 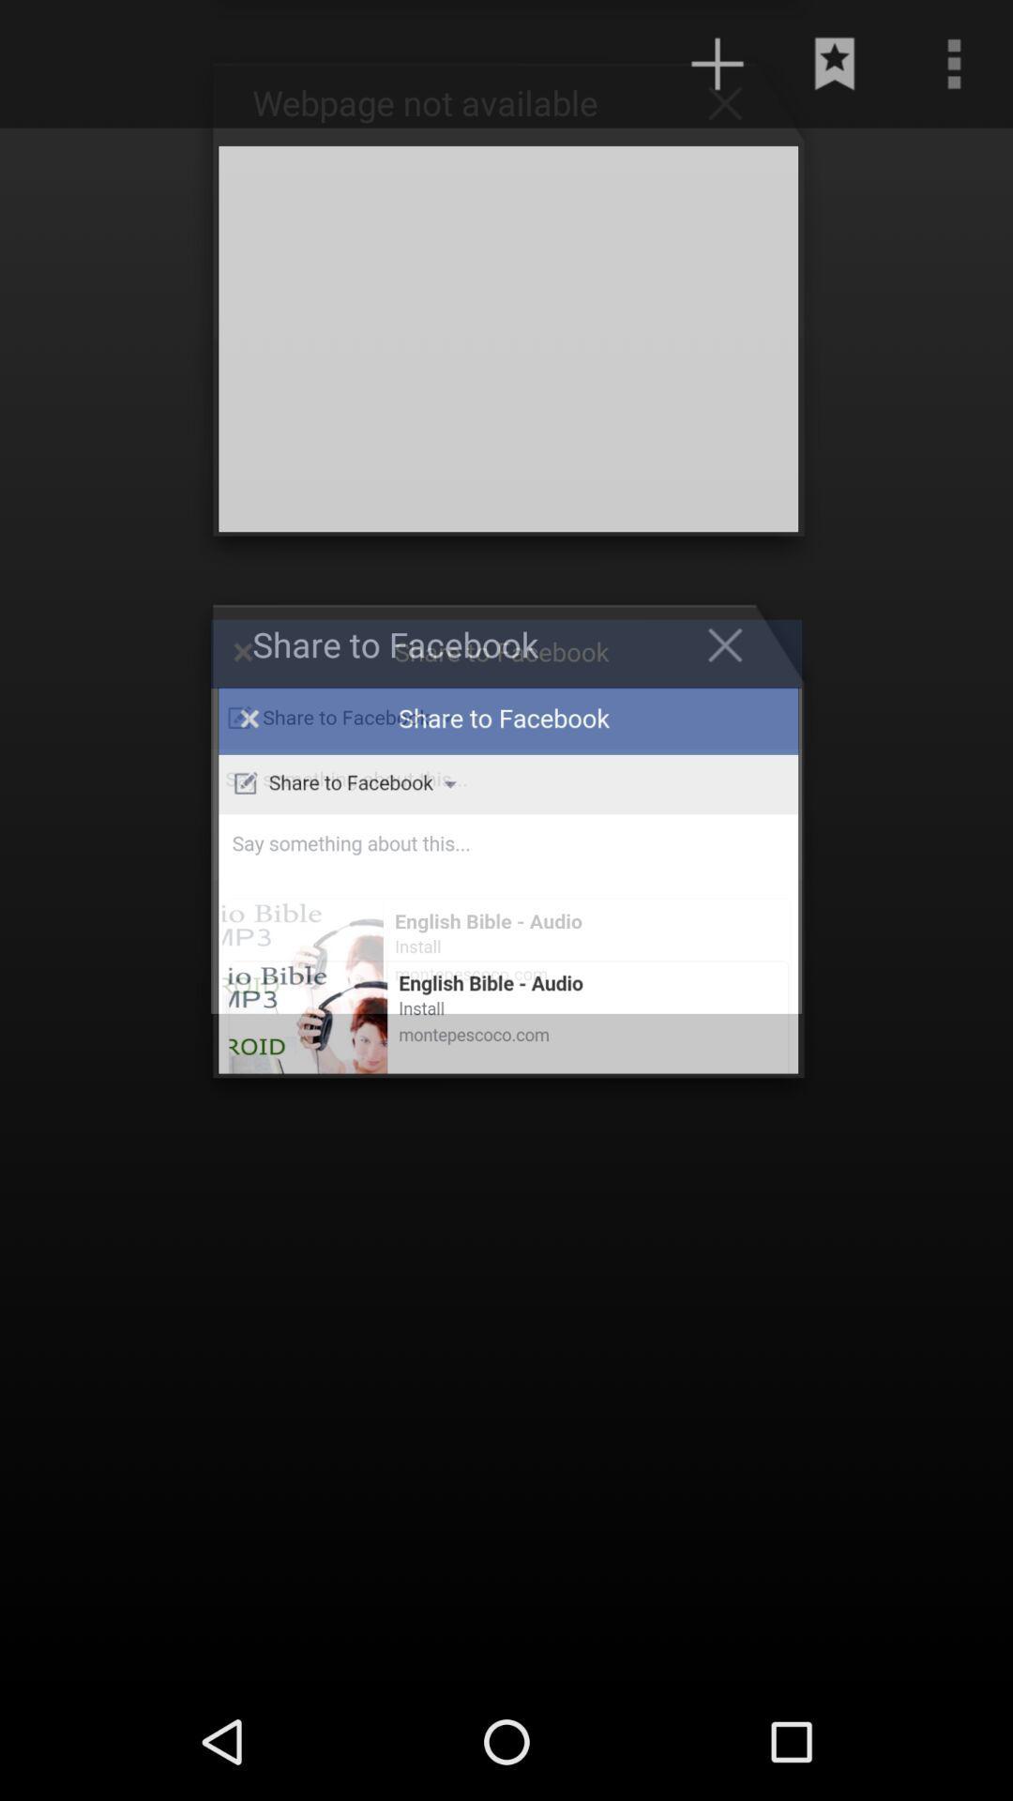 I want to click on the add icon, so click(x=717, y=68).